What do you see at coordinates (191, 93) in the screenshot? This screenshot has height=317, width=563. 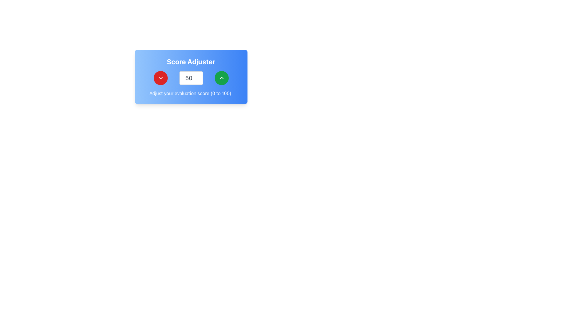 I see `the static text label that contains the text 'Adjust your evaluation score (0 to 100).' which is located below the score adjustment controls in the blue gradient background` at bounding box center [191, 93].